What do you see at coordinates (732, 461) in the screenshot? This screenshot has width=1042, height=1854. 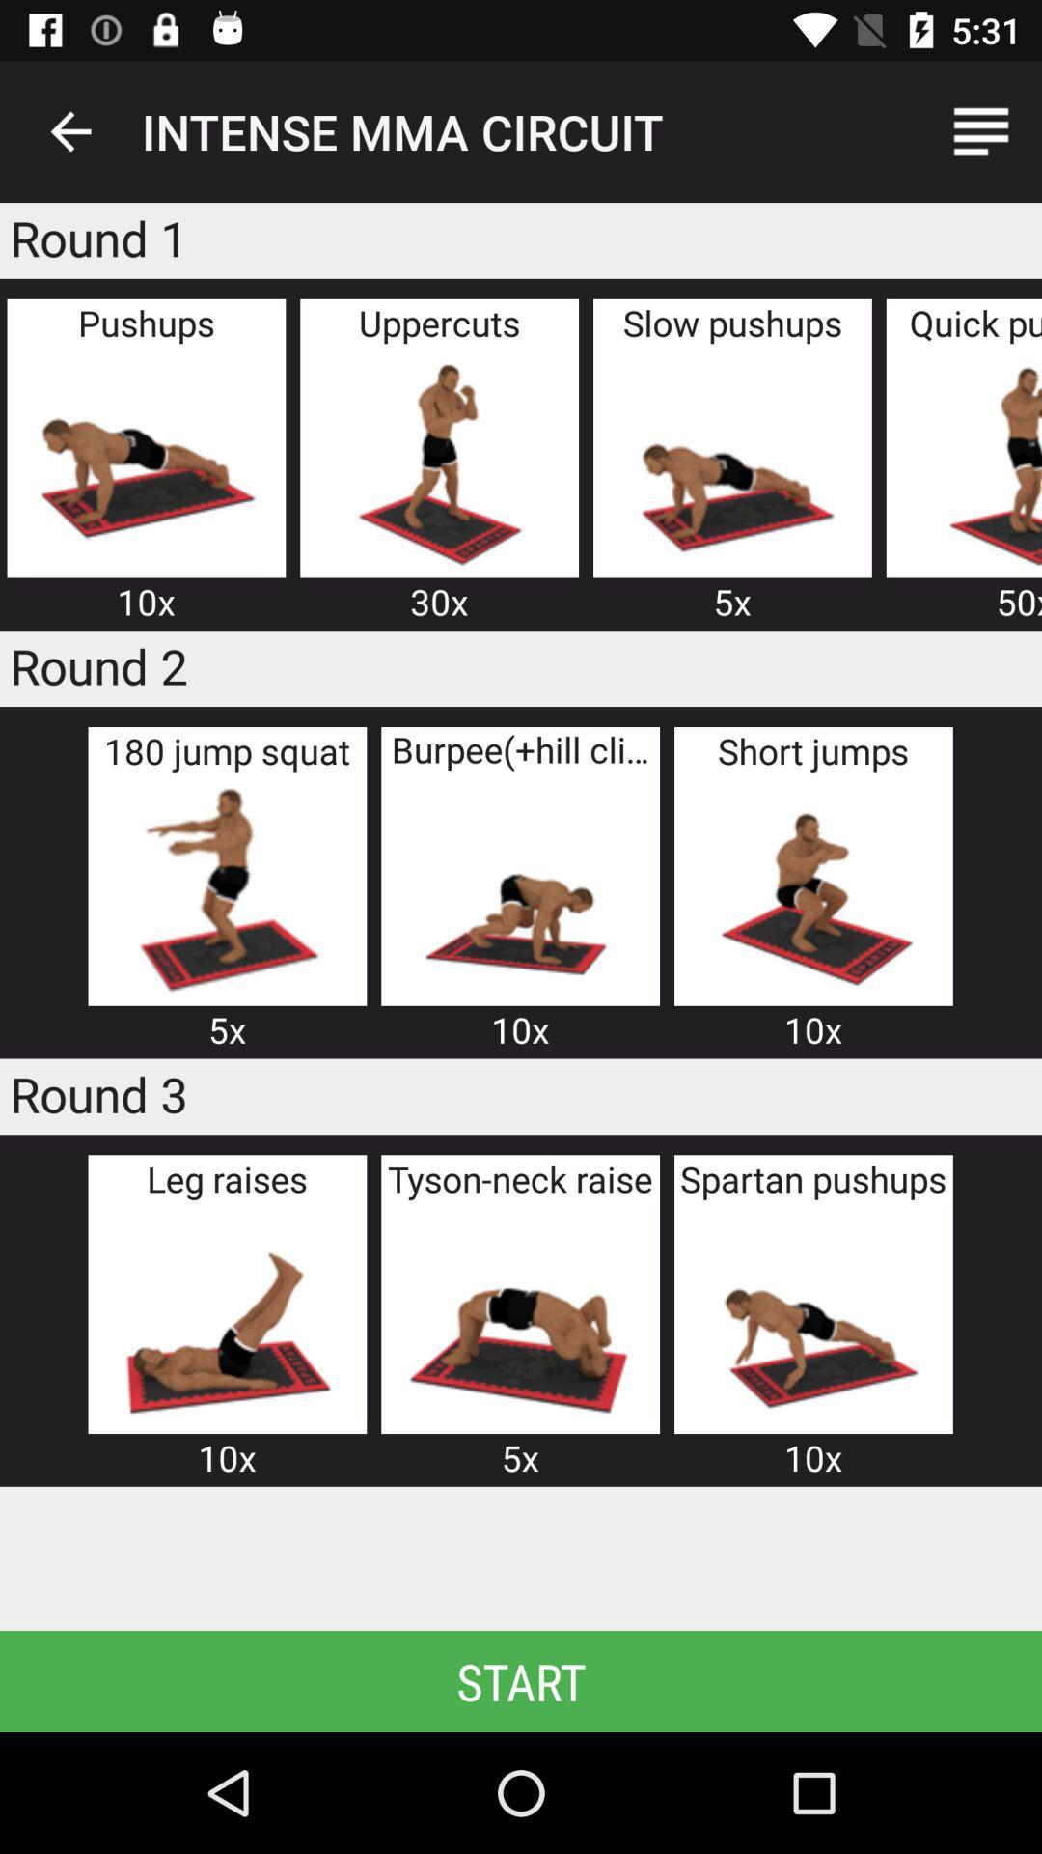 I see `slow pushups` at bounding box center [732, 461].